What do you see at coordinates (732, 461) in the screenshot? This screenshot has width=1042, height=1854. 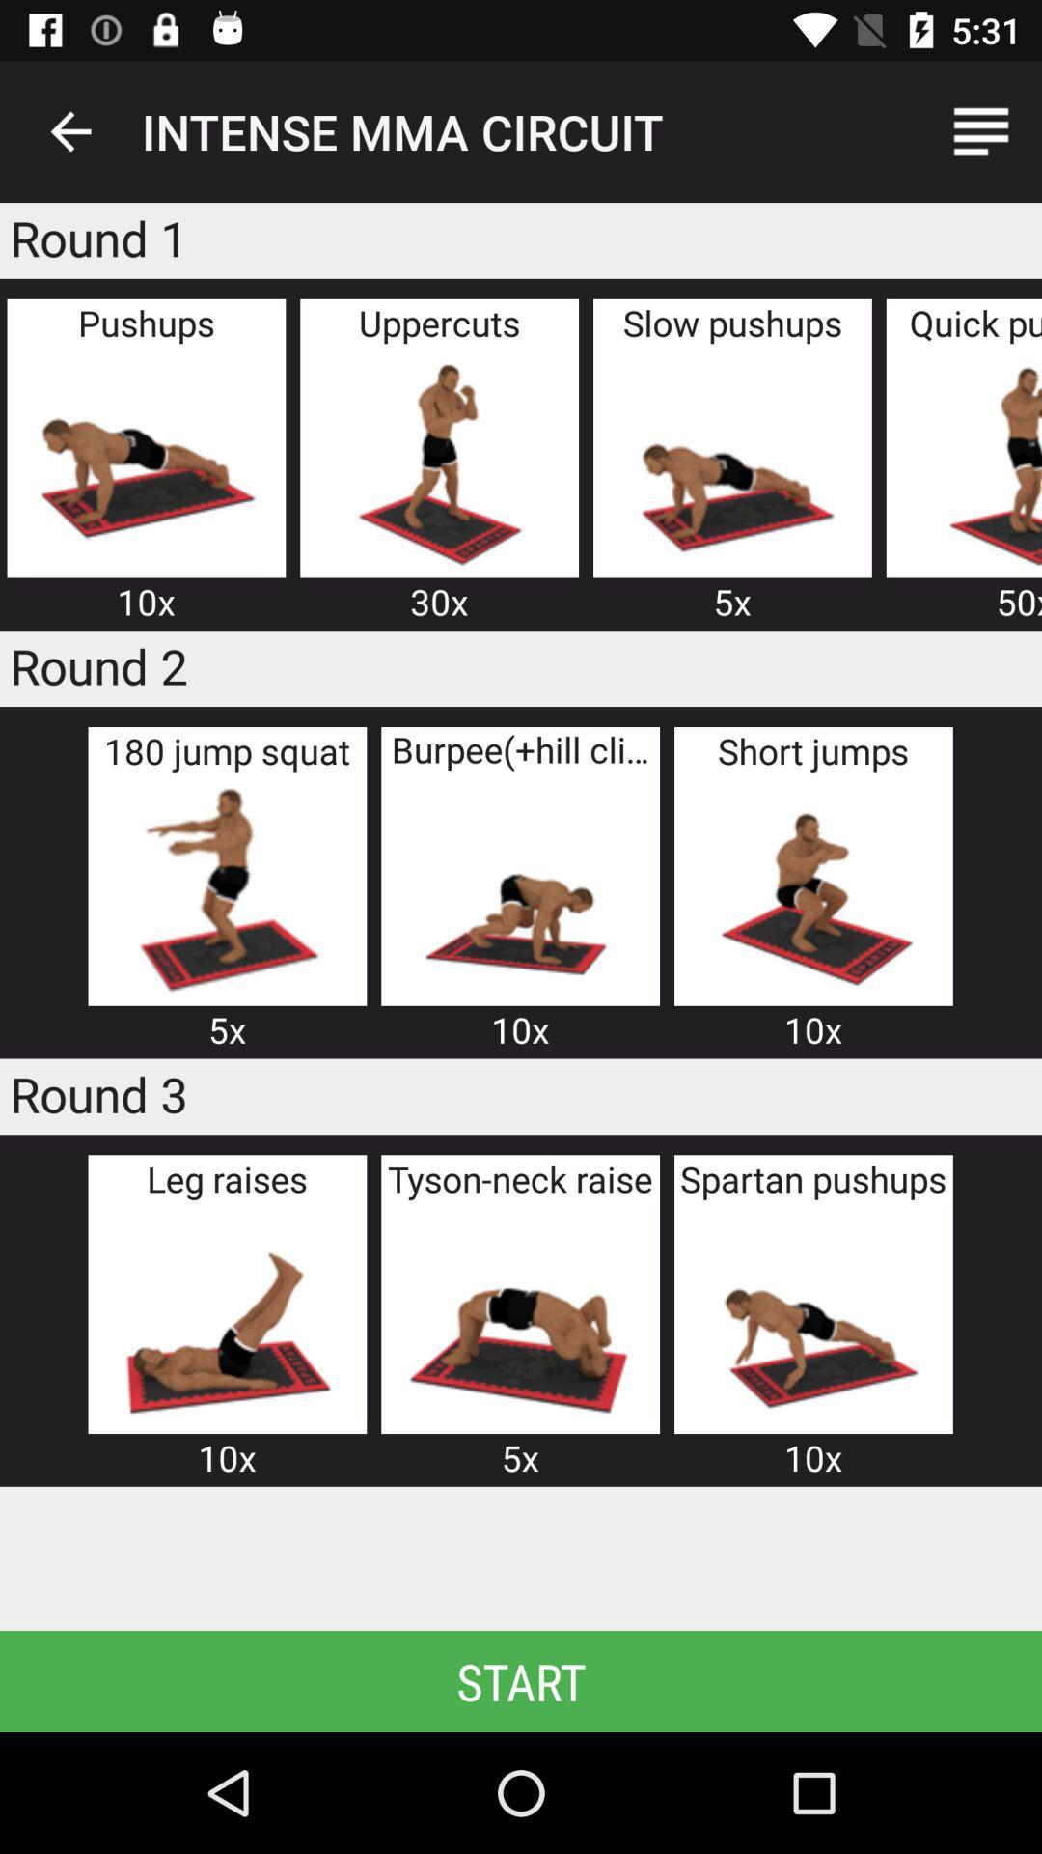 I see `slow pushups` at bounding box center [732, 461].